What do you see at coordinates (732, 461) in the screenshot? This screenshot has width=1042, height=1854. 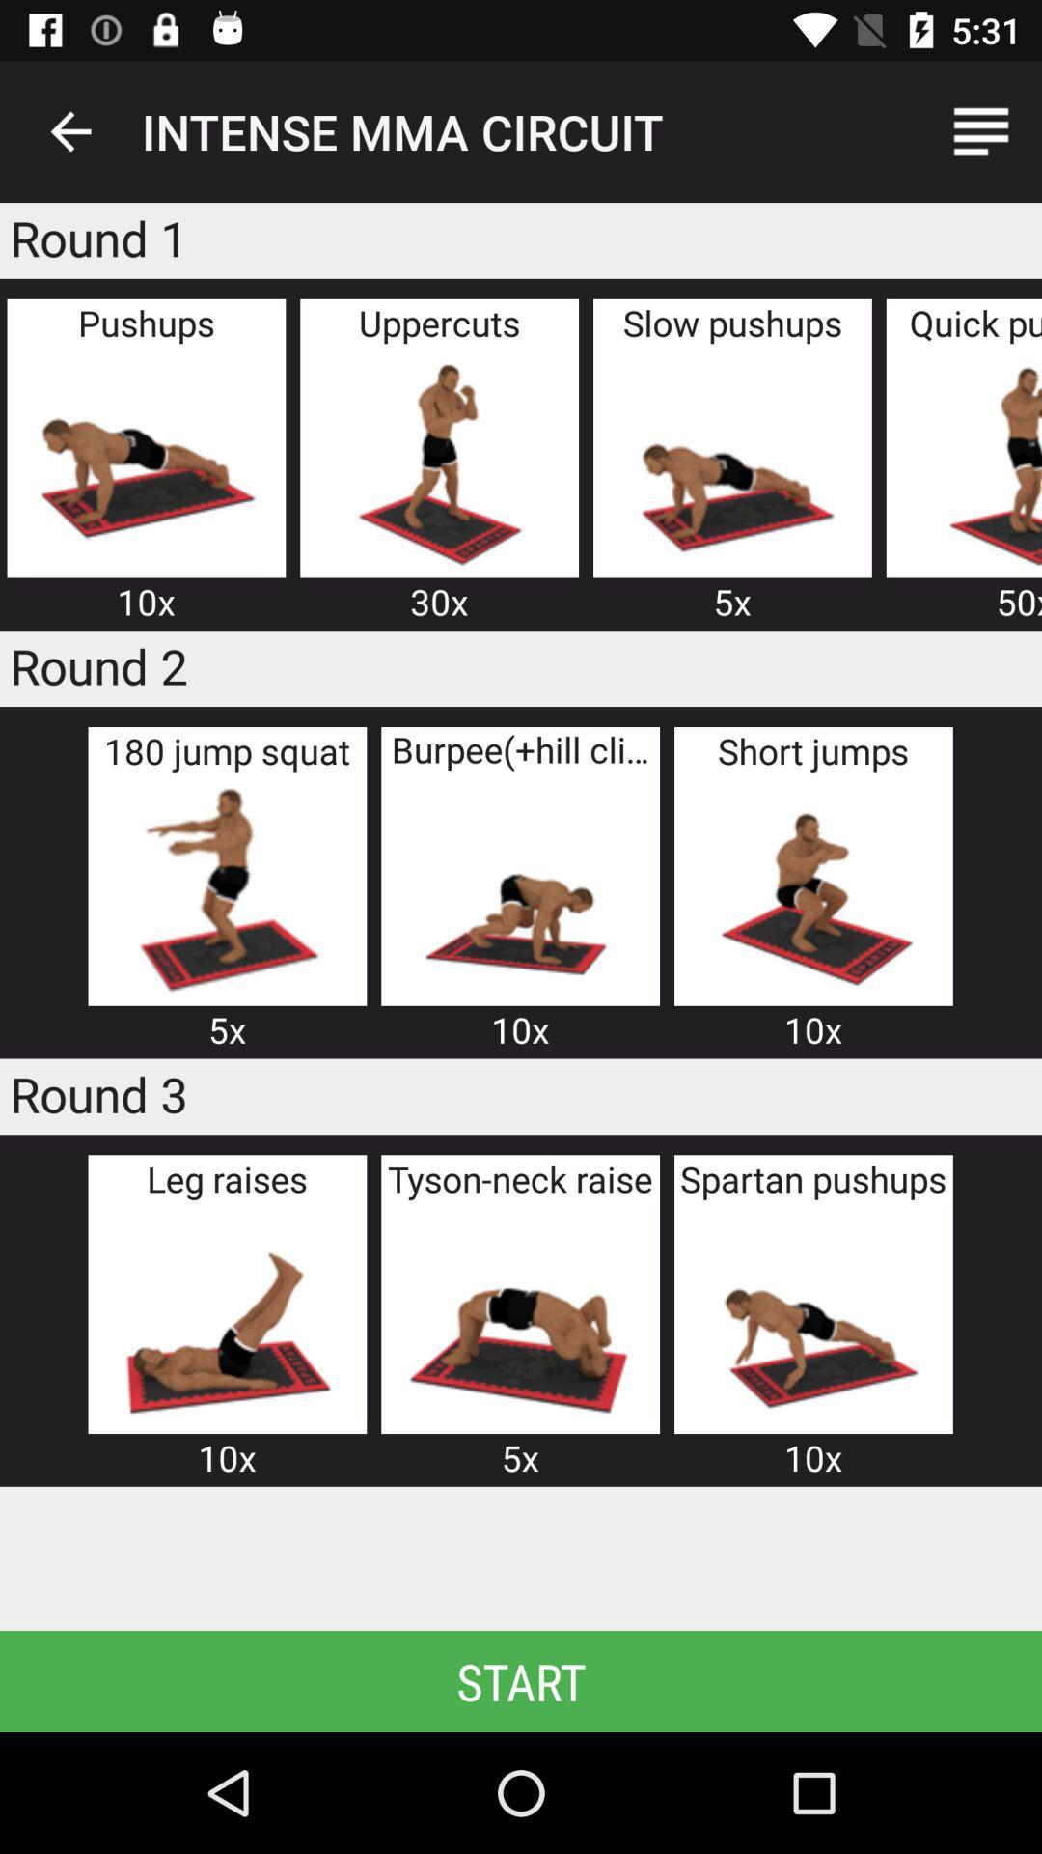 I see `slow pushups` at bounding box center [732, 461].